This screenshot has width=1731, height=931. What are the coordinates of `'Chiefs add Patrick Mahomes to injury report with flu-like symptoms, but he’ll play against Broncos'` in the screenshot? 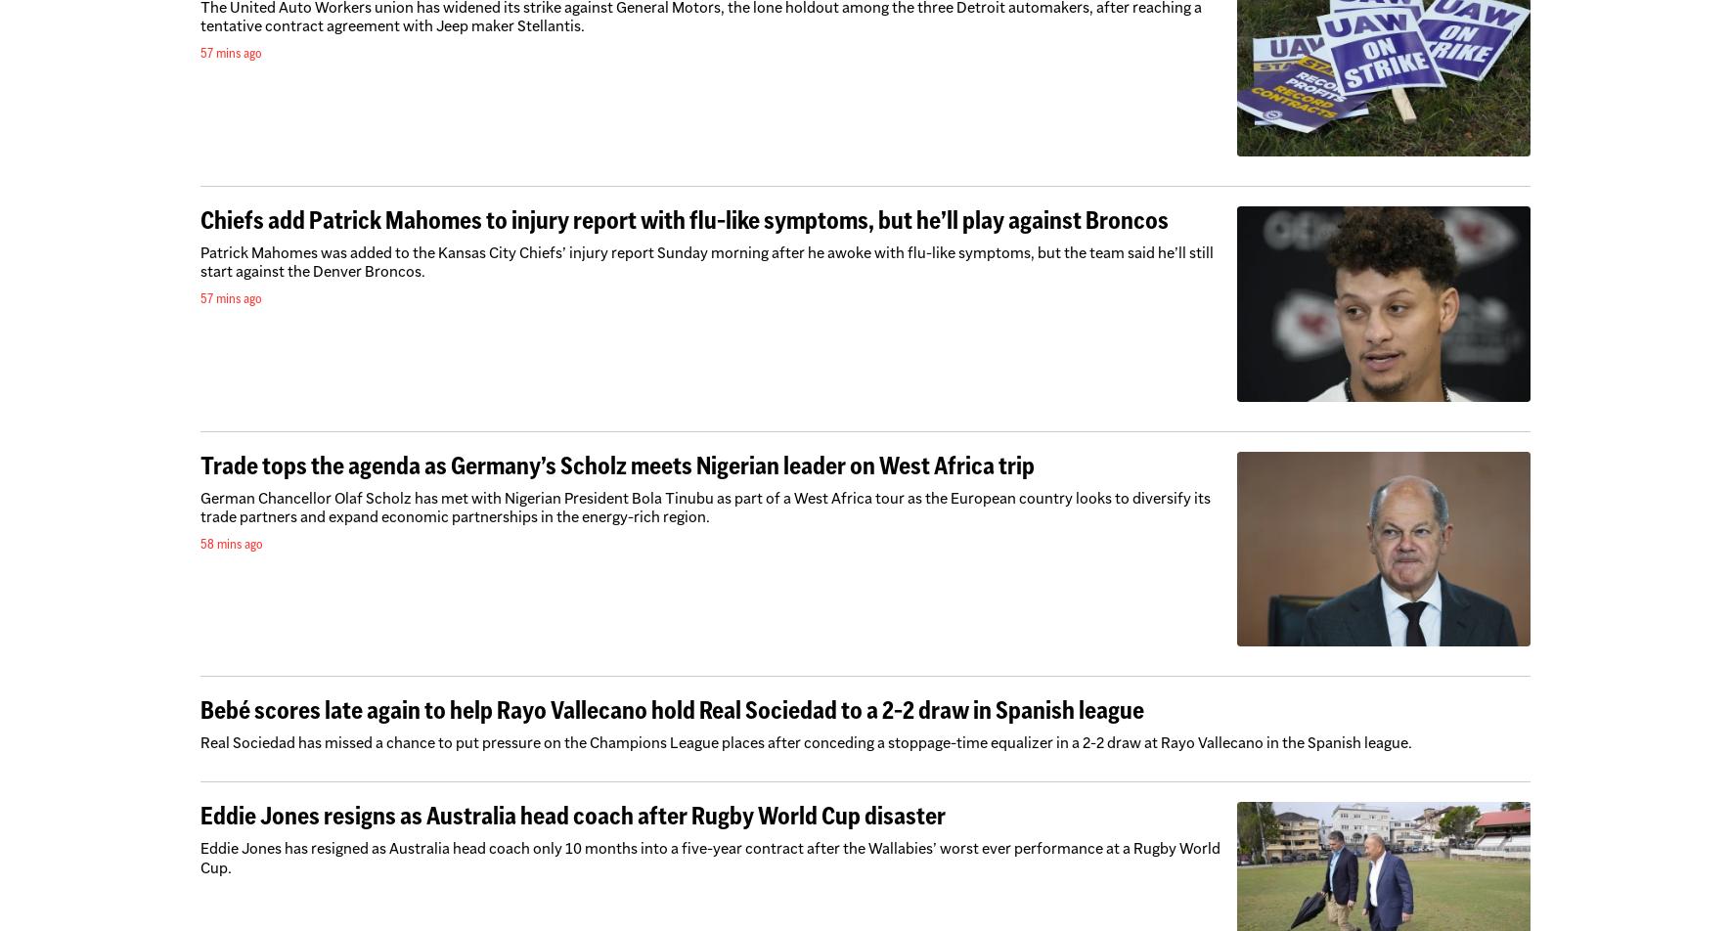 It's located at (684, 219).